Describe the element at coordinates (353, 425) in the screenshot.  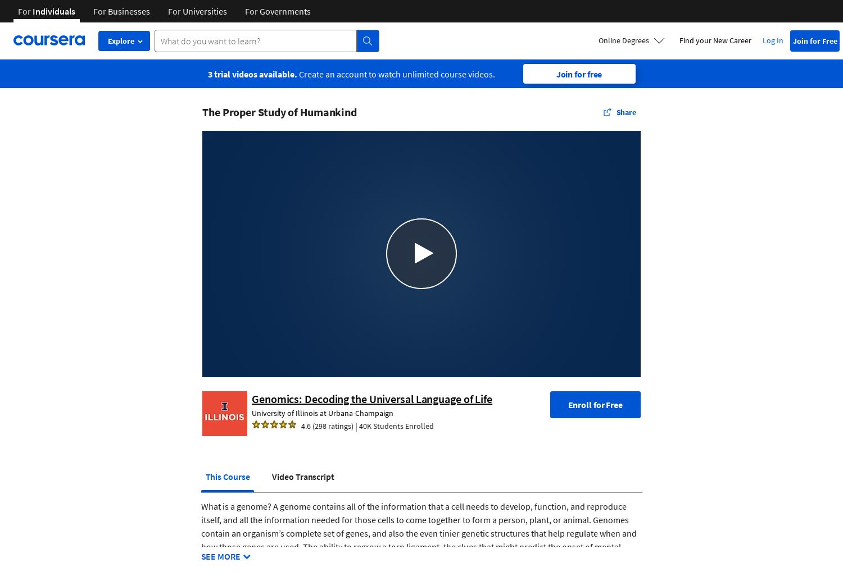
I see `'|'` at that location.